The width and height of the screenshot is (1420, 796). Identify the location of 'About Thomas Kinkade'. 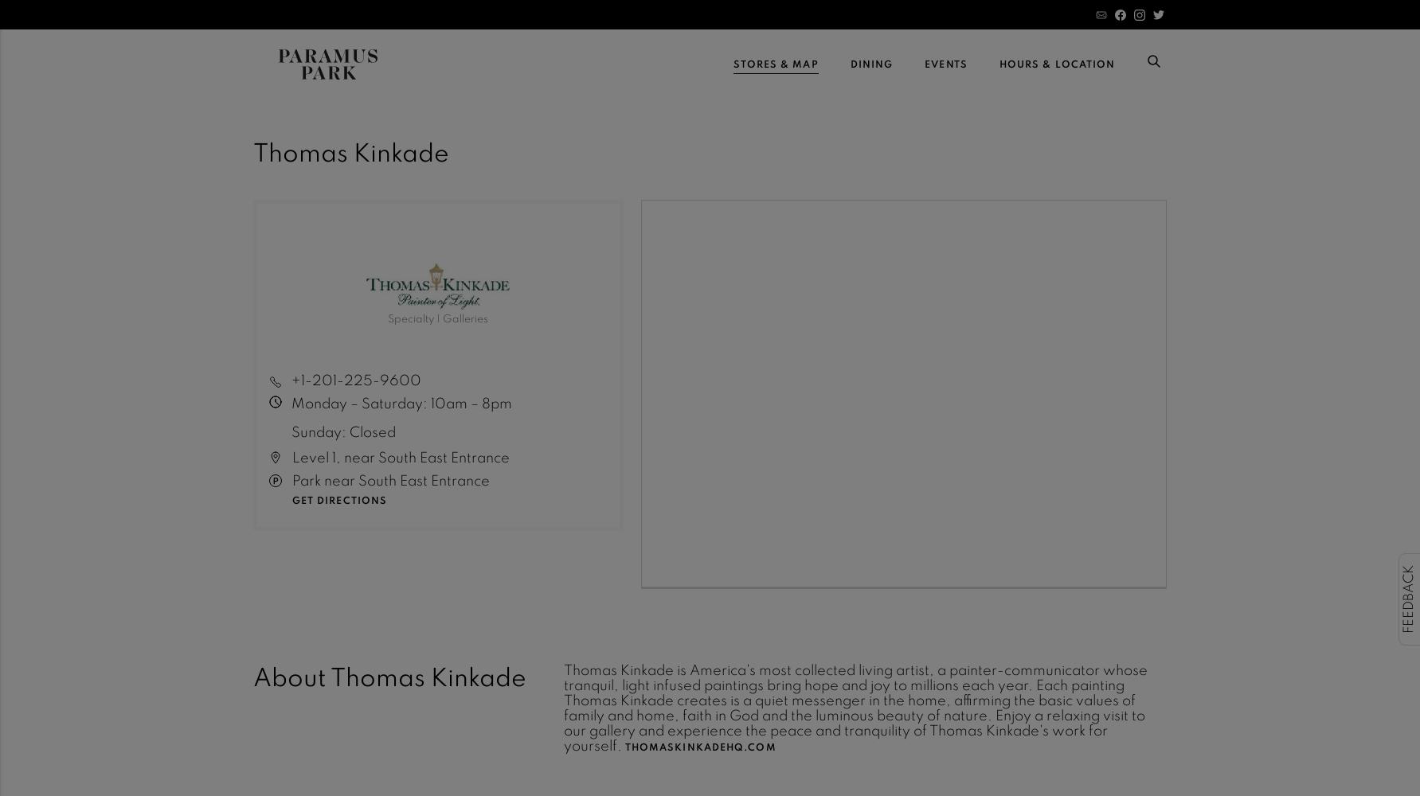
(389, 677).